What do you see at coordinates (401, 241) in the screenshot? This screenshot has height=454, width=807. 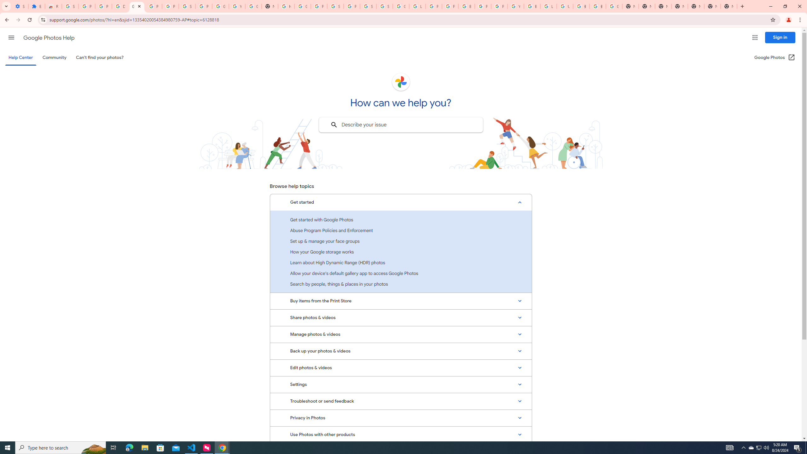 I see `'Set up & manage your face groups'` at bounding box center [401, 241].